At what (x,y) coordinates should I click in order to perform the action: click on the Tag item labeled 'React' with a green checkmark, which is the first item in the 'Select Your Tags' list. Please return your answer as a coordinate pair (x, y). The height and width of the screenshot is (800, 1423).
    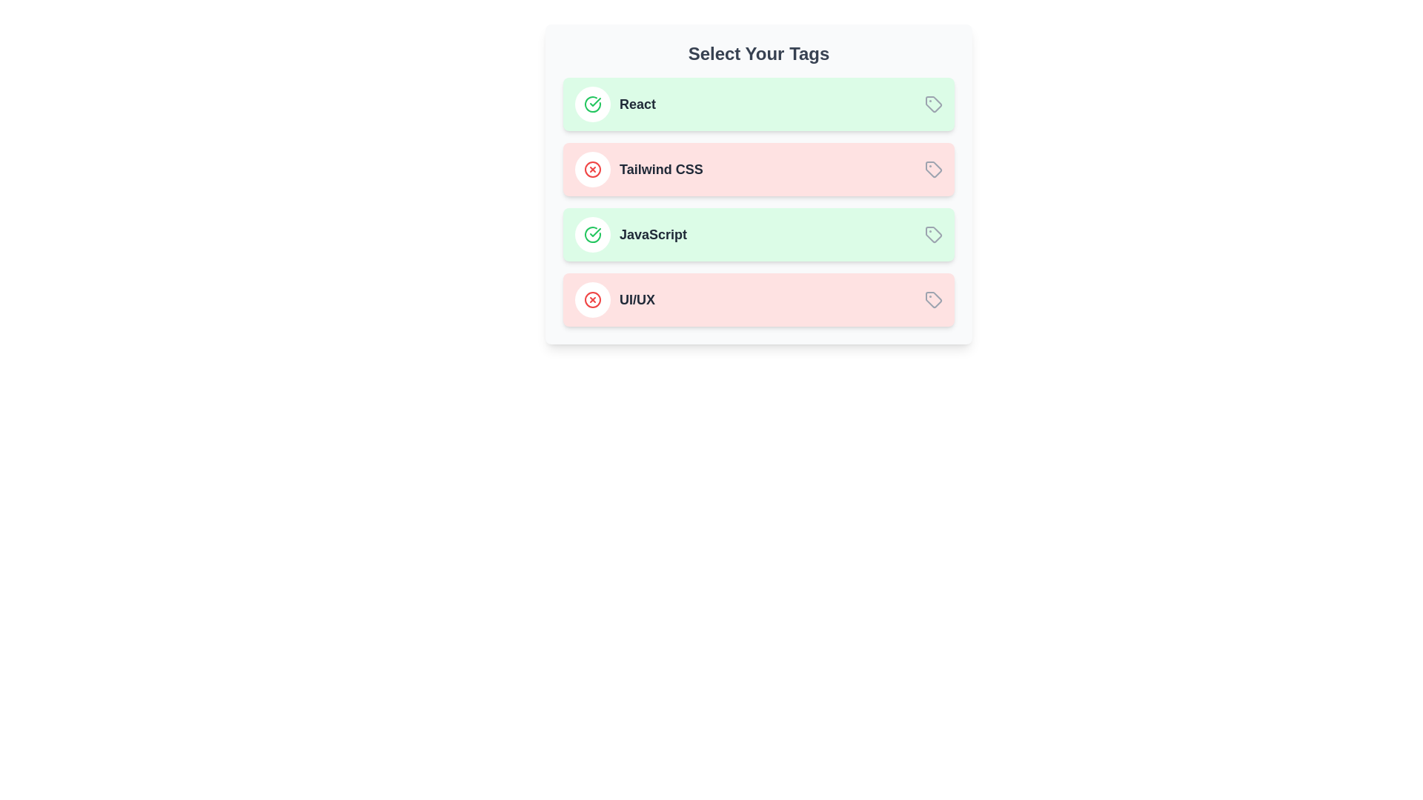
    Looking at the image, I should click on (615, 104).